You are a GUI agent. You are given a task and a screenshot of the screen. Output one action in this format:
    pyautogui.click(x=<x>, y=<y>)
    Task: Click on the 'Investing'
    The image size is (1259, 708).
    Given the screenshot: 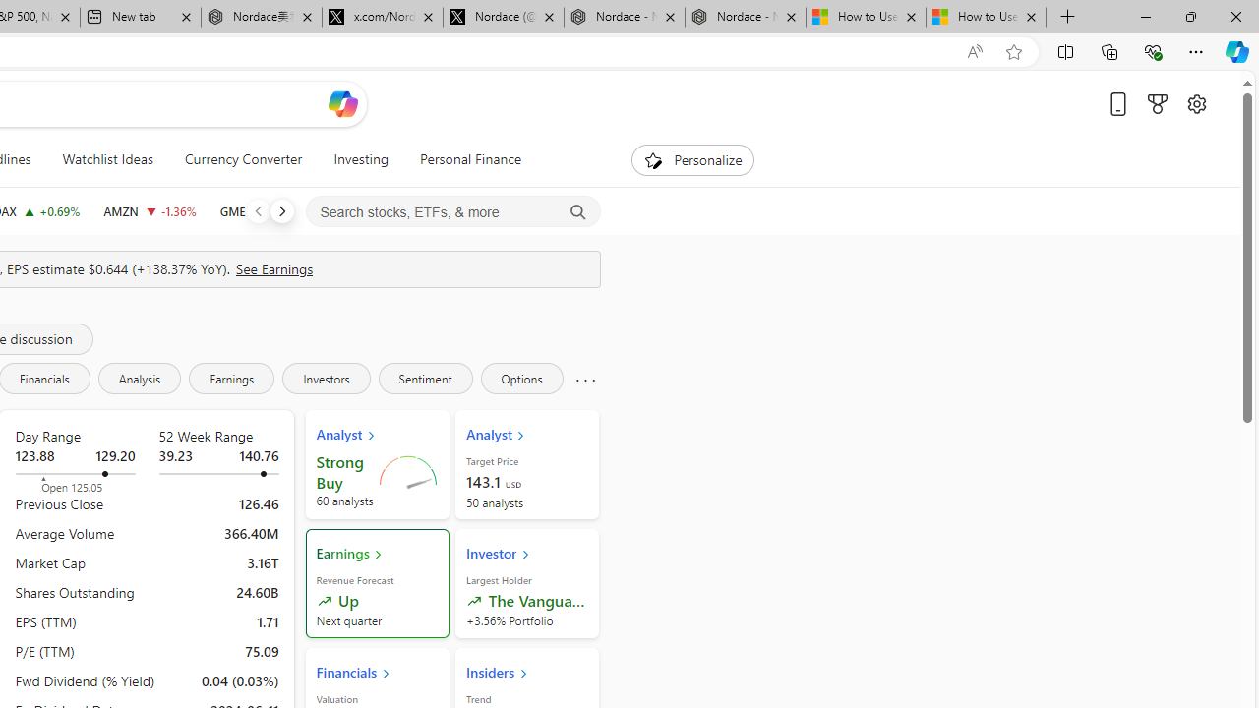 What is the action you would take?
    pyautogui.click(x=361, y=159)
    